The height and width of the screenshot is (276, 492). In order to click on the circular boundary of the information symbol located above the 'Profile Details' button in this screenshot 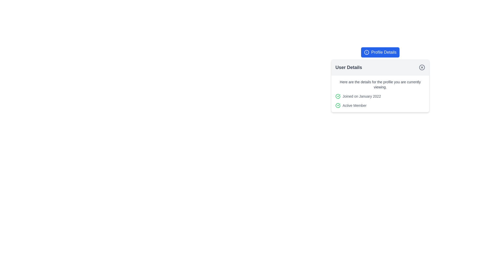, I will do `click(366, 52)`.